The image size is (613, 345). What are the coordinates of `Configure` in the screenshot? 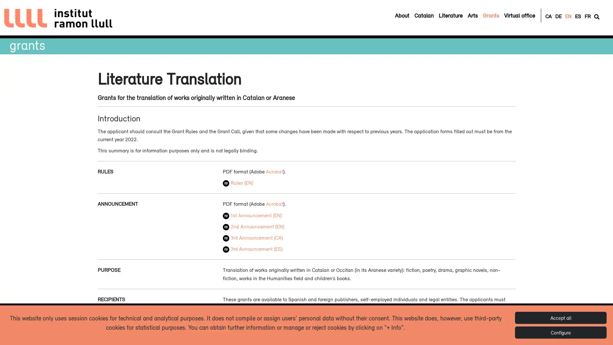 It's located at (560, 332).